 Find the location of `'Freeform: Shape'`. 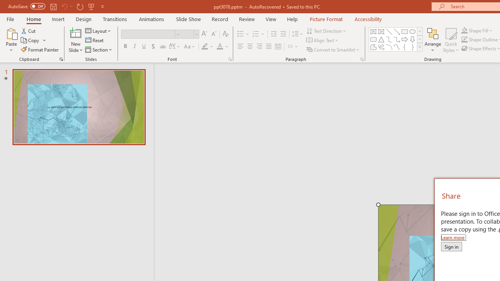

'Freeform: Shape' is located at coordinates (373, 47).